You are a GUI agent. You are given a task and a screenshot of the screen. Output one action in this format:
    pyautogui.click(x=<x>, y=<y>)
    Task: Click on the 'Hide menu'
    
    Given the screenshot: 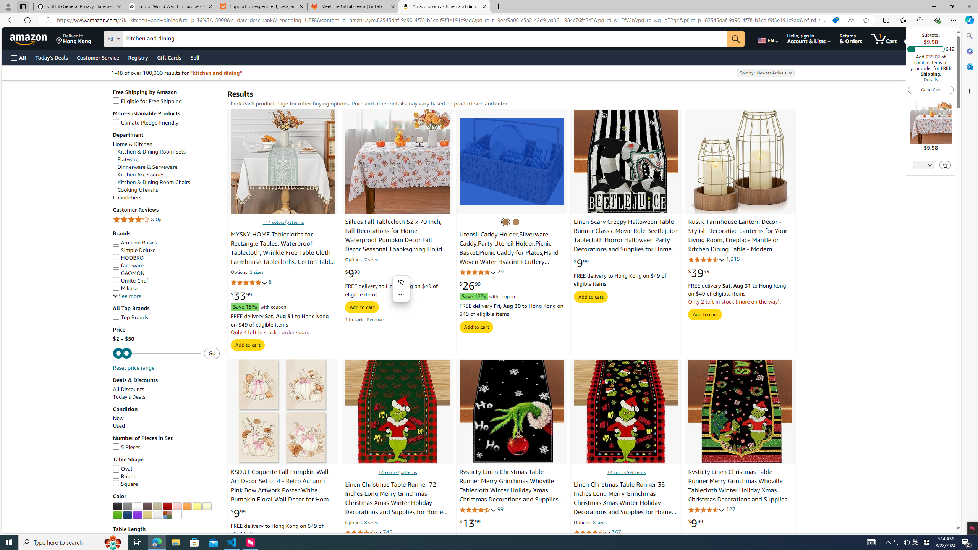 What is the action you would take?
    pyautogui.click(x=401, y=282)
    